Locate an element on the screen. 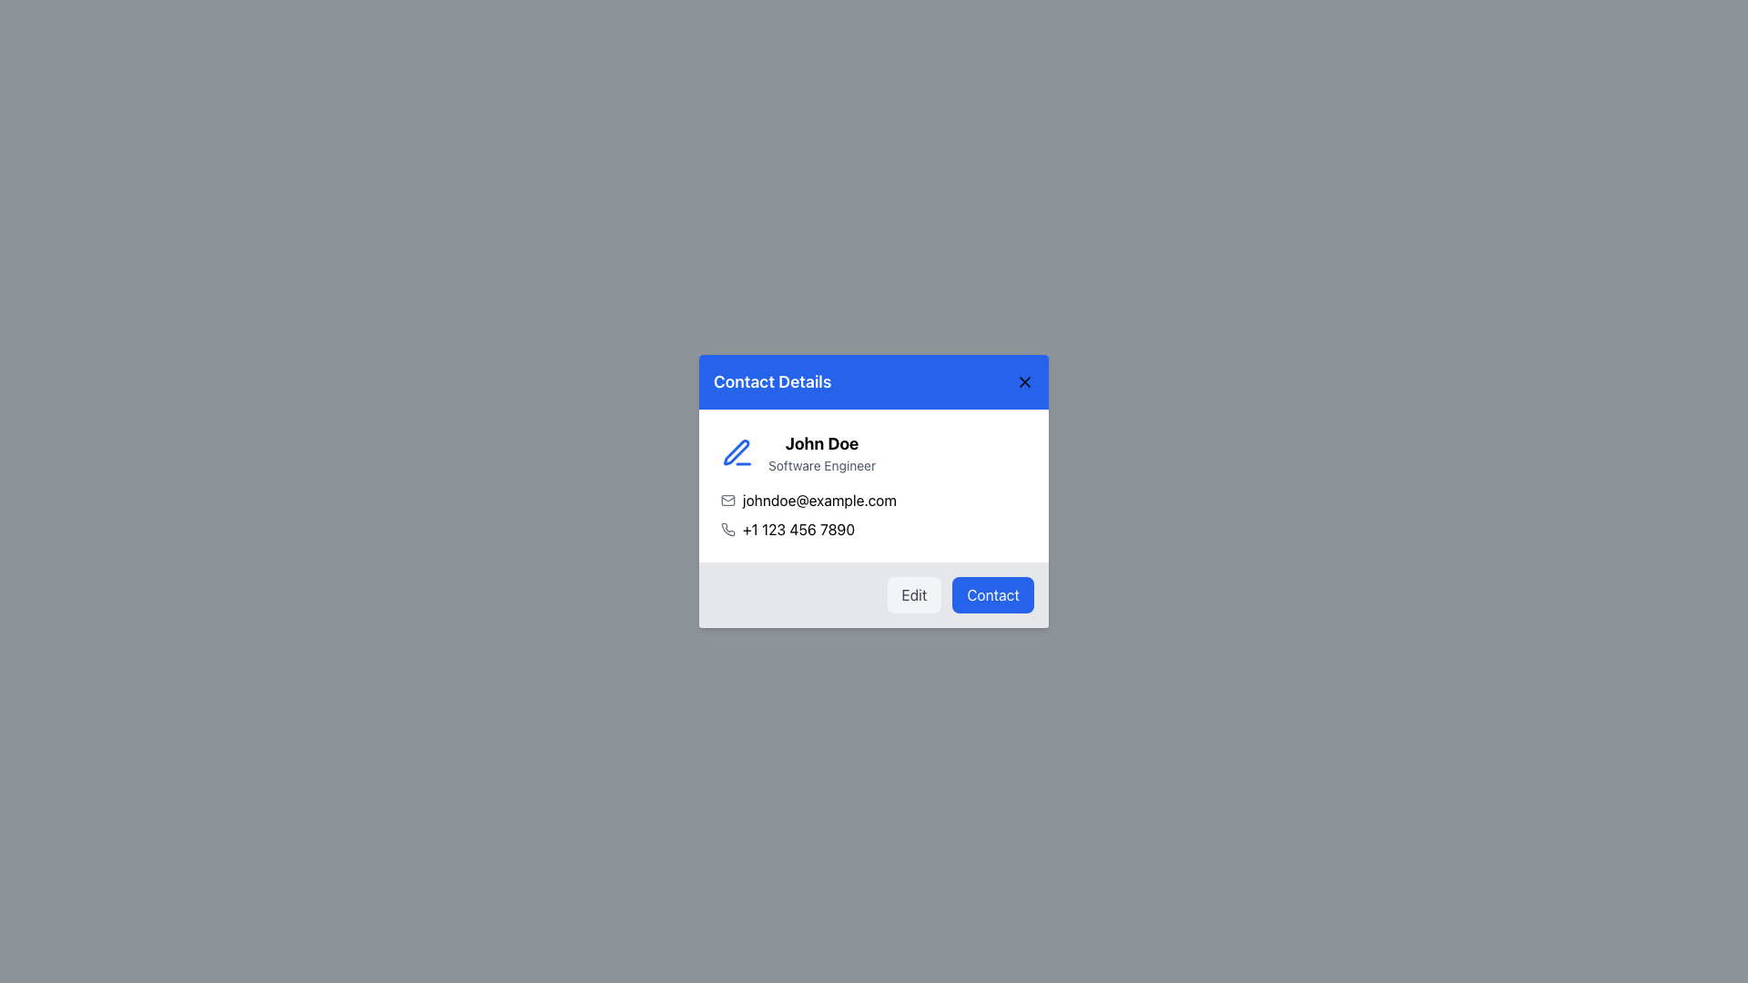 The height and width of the screenshot is (983, 1748). the 'Edit' button located at the bottom-right area of the interface to initiate editing is located at coordinates (914, 595).